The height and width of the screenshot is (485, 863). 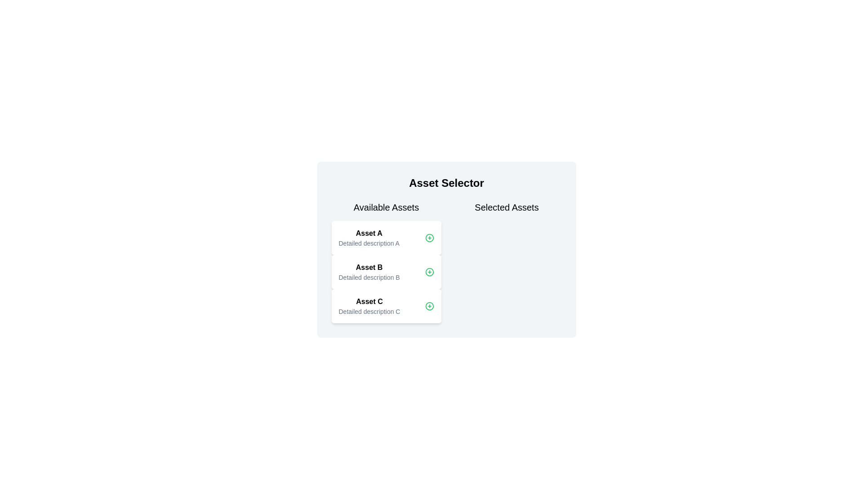 What do you see at coordinates (386, 271) in the screenshot?
I see `the second list item under the 'Available Assets' heading, which provides information about 'Asset B' and includes a nearby green '+' button` at bounding box center [386, 271].